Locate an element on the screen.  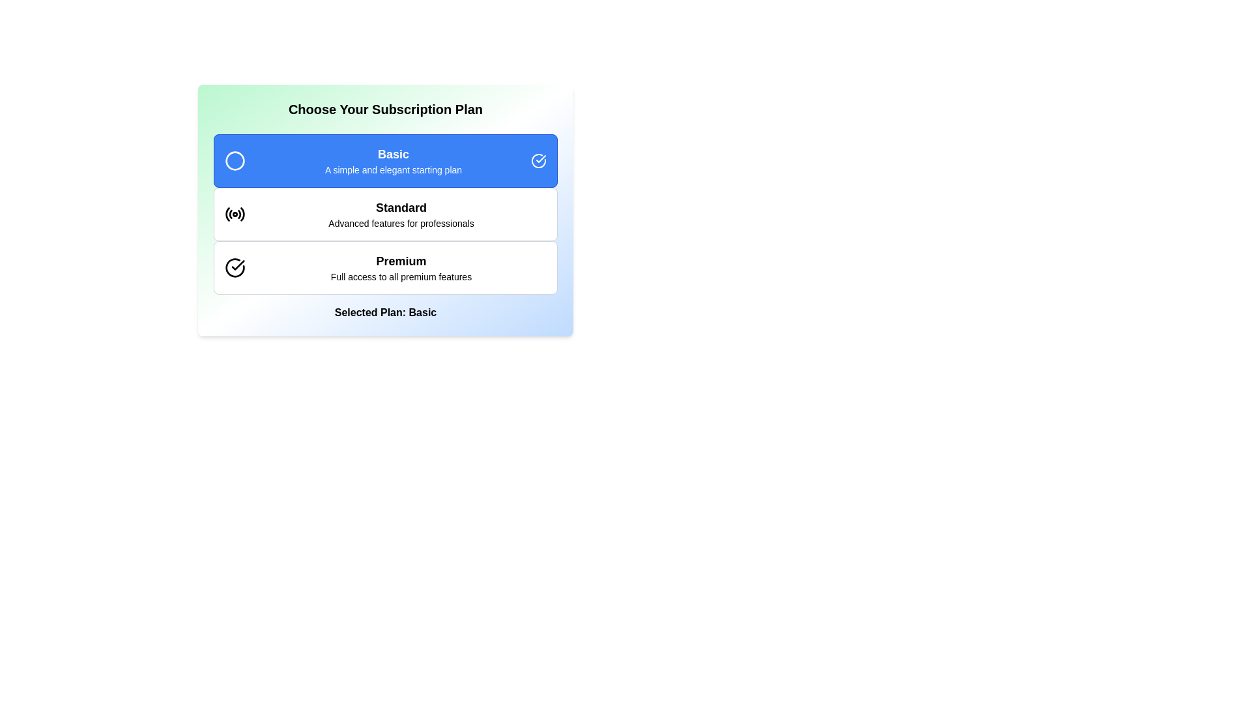
the circular checkmark icon located next to the 'Premium' subscription tier label is located at coordinates (235, 267).